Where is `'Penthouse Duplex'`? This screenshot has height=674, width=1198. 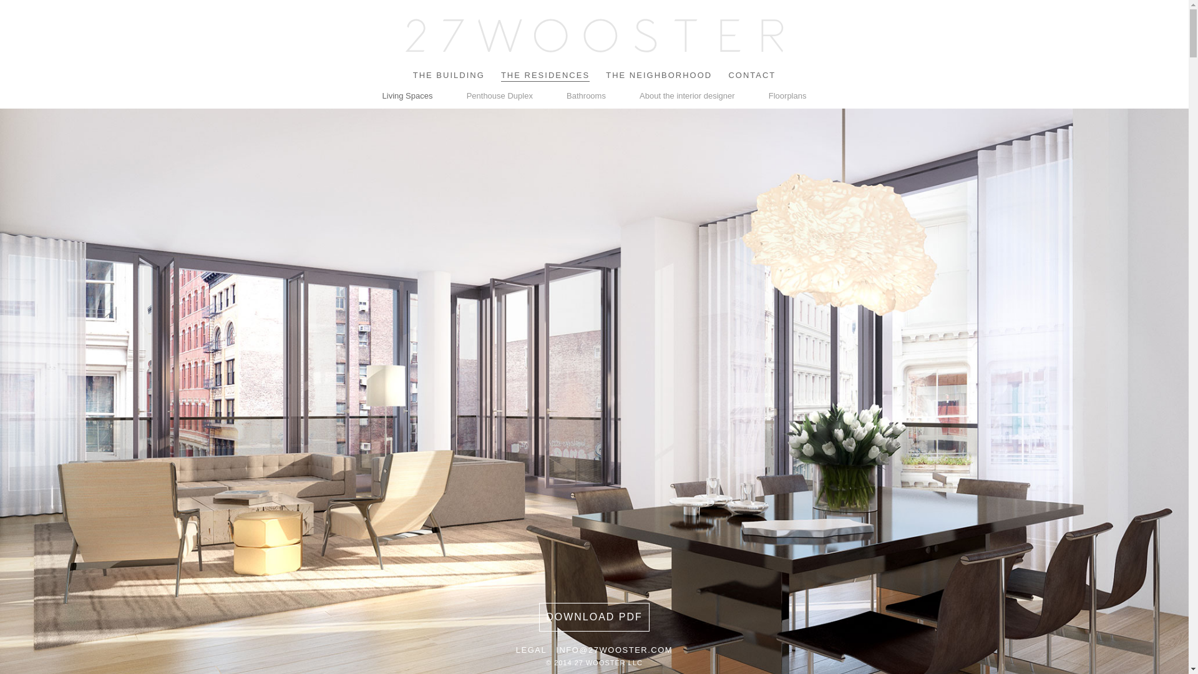
'Penthouse Duplex' is located at coordinates (500, 95).